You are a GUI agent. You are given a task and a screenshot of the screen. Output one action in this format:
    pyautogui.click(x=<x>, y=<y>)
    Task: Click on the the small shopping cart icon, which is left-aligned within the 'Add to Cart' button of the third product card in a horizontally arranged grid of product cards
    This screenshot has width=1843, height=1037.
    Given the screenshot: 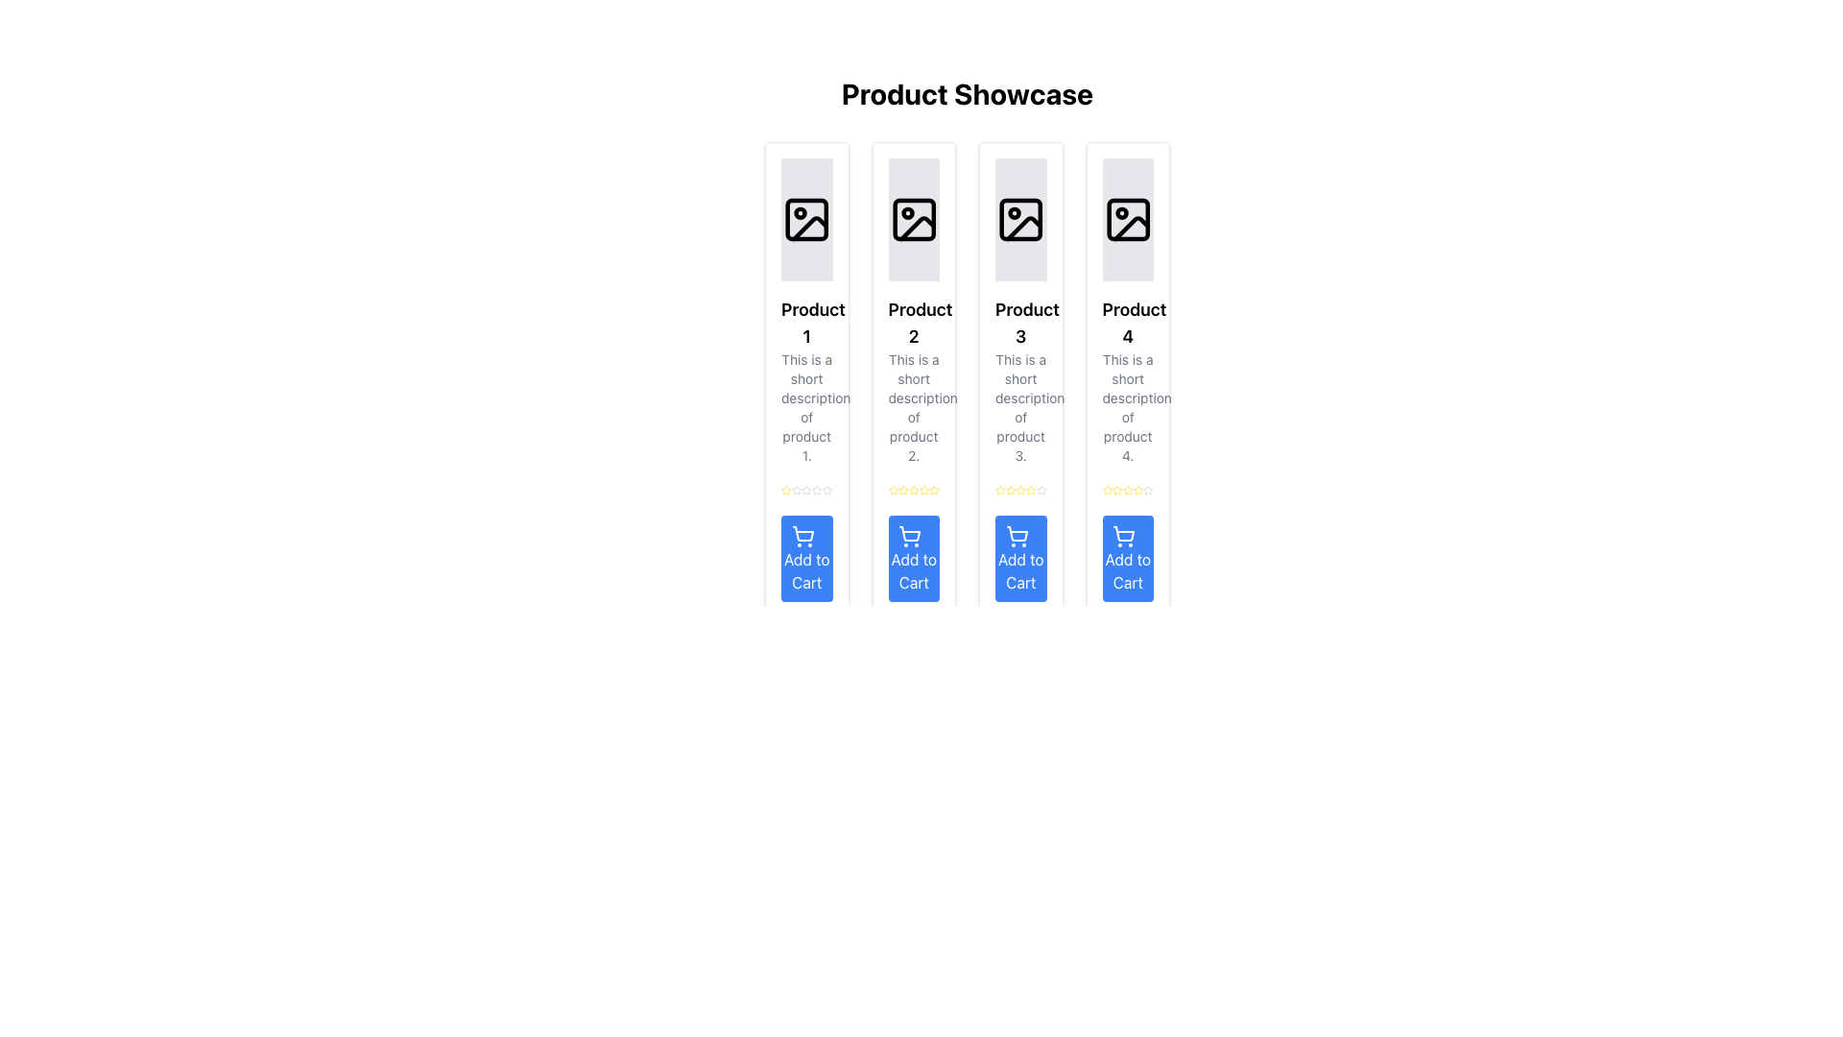 What is the action you would take?
    pyautogui.click(x=909, y=536)
    